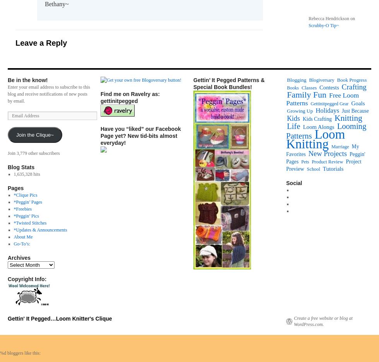 The width and height of the screenshot is (379, 362). What do you see at coordinates (229, 83) in the screenshot?
I see `'Gettin’ It Pegged Patterns & Special Book Bundles!'` at bounding box center [229, 83].